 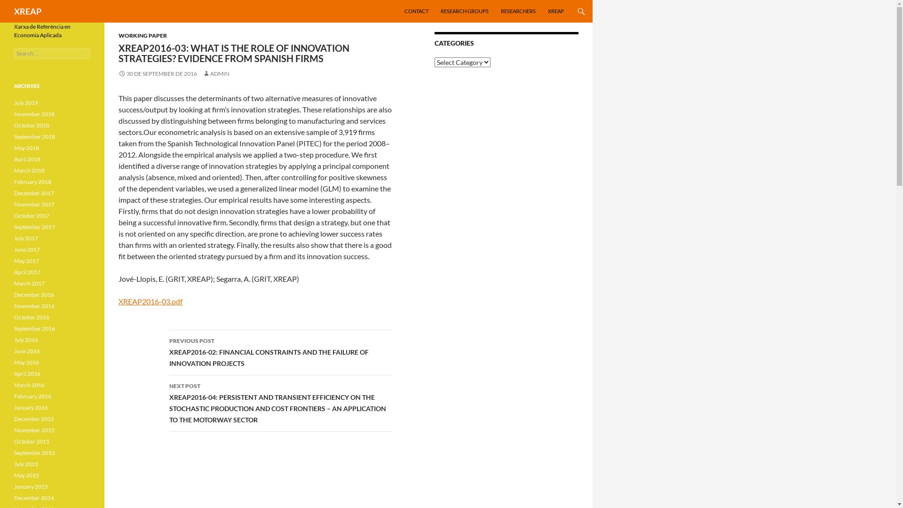 I want to click on 'XREAP2016-03.pdf', so click(x=150, y=301).